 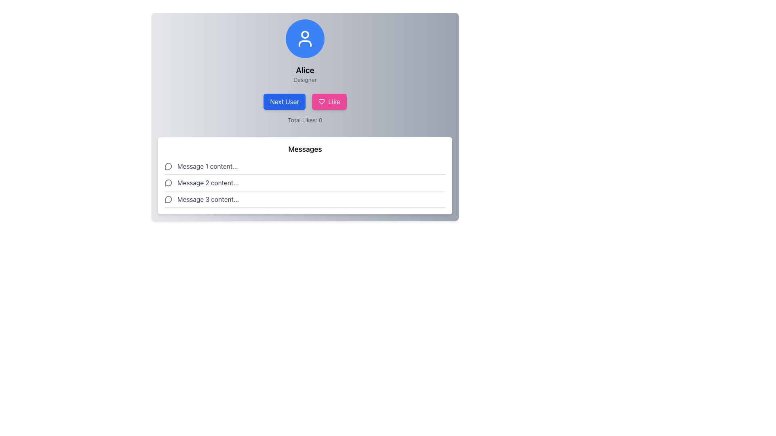 I want to click on the circular visual placeholder icon with a blue background and white user icon, located at the top center of the card, above the text 'Alice' and 'Designer', so click(x=304, y=39).